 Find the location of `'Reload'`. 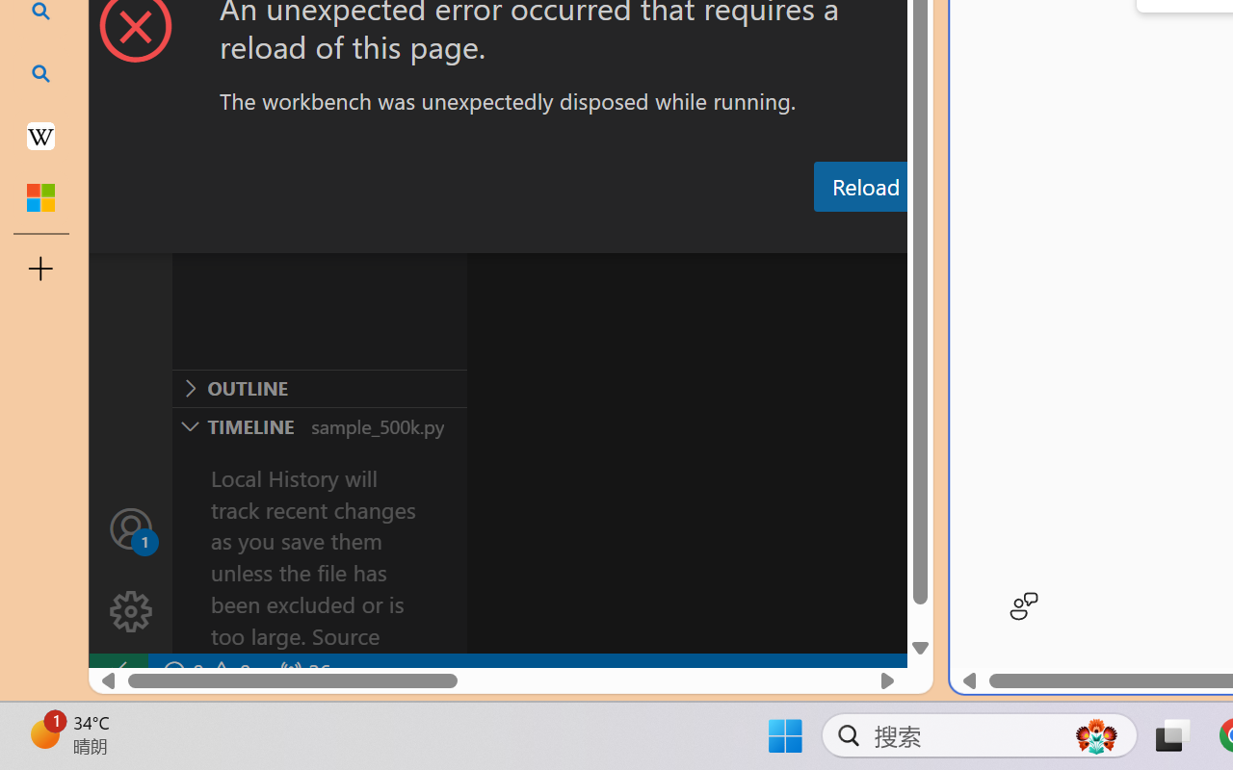

'Reload' is located at coordinates (864, 185).